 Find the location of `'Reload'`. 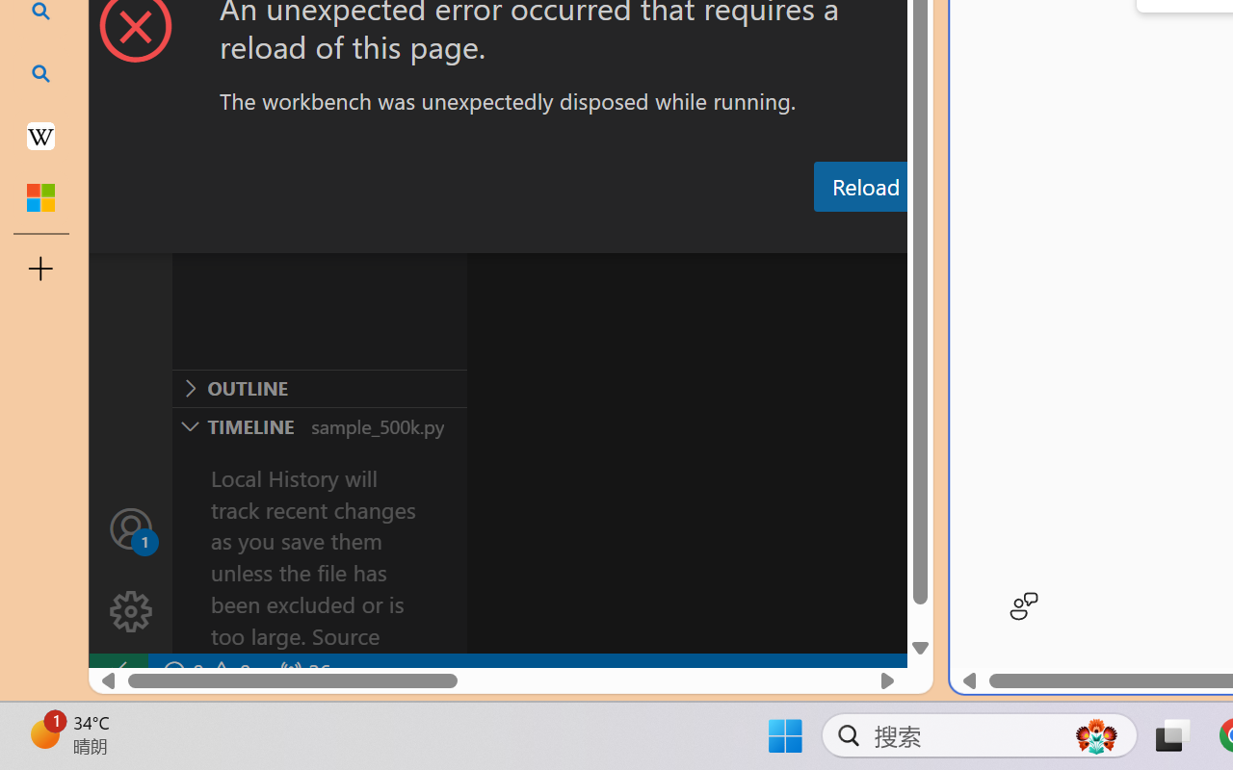

'Reload' is located at coordinates (864, 185).